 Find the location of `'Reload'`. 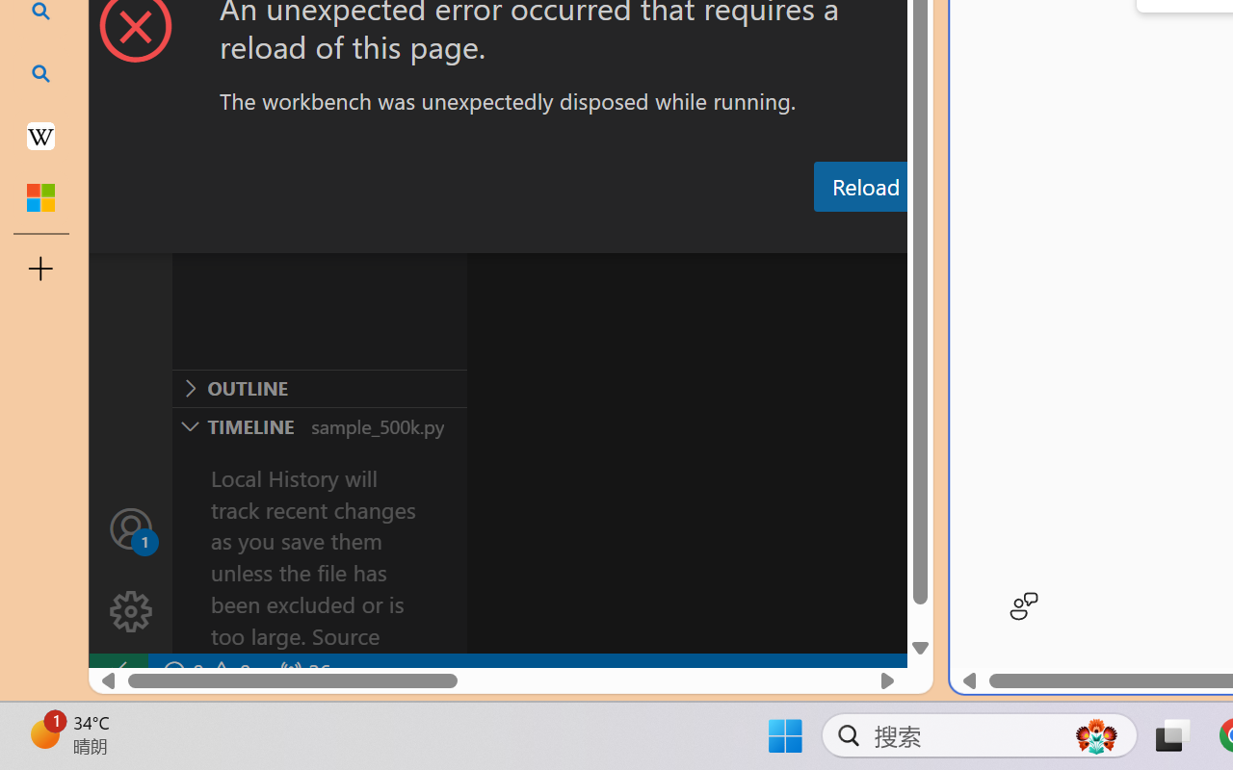

'Reload' is located at coordinates (864, 185).